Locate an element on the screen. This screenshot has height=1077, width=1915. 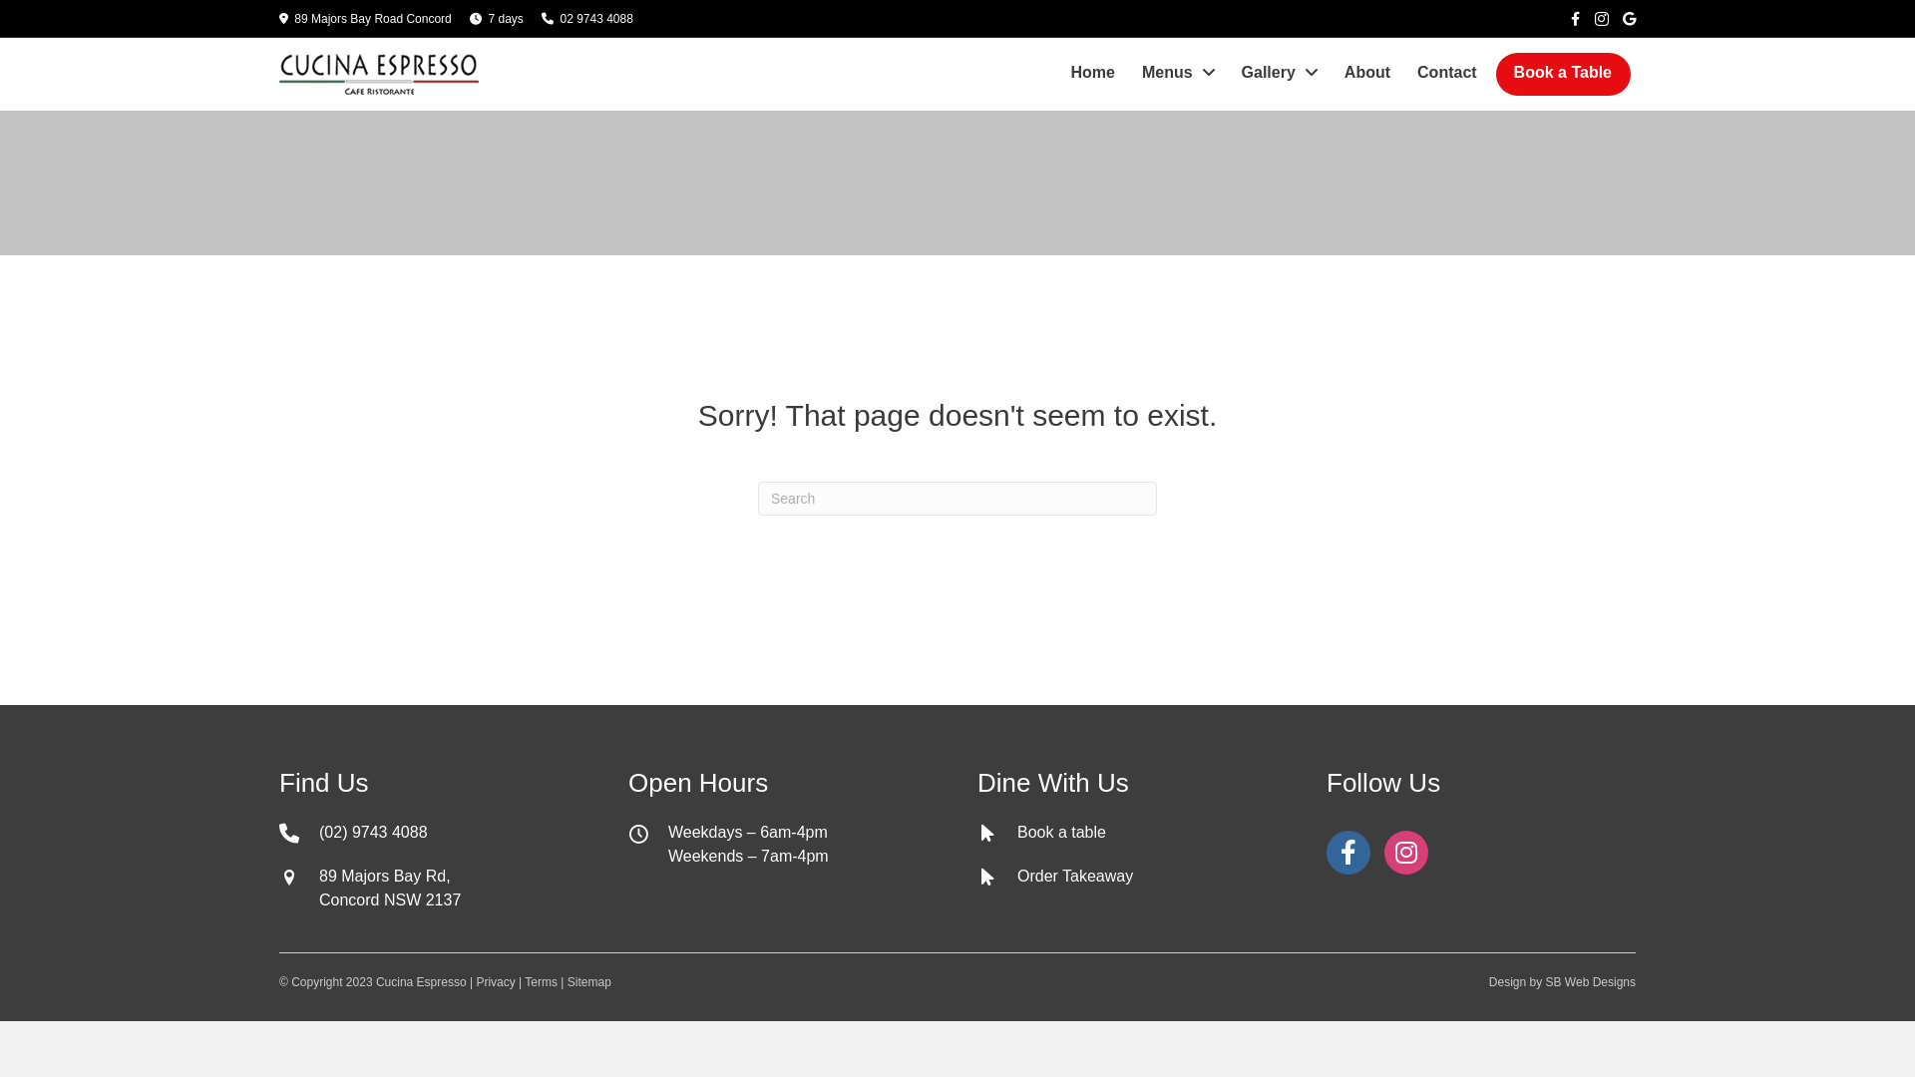
'Sitemap' is located at coordinates (587, 980).